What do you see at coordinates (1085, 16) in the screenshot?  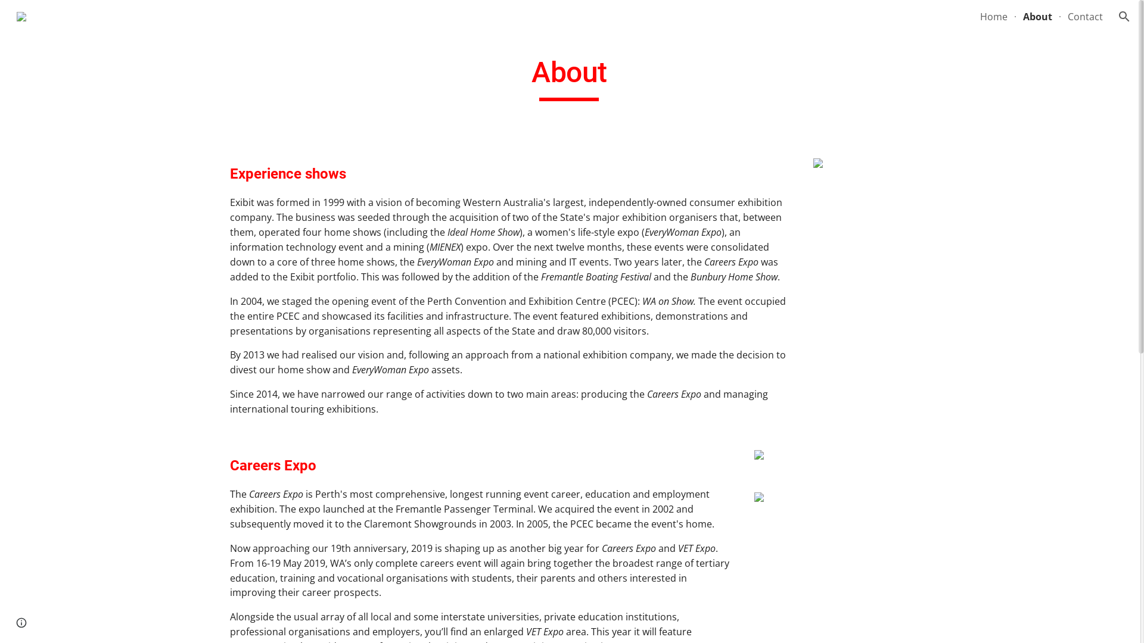 I see `'Contact'` at bounding box center [1085, 16].